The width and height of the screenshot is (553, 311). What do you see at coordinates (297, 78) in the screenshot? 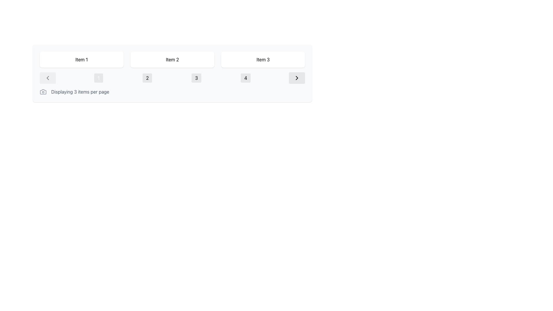
I see `the right-chevron navigation button in the pagination control area` at bounding box center [297, 78].